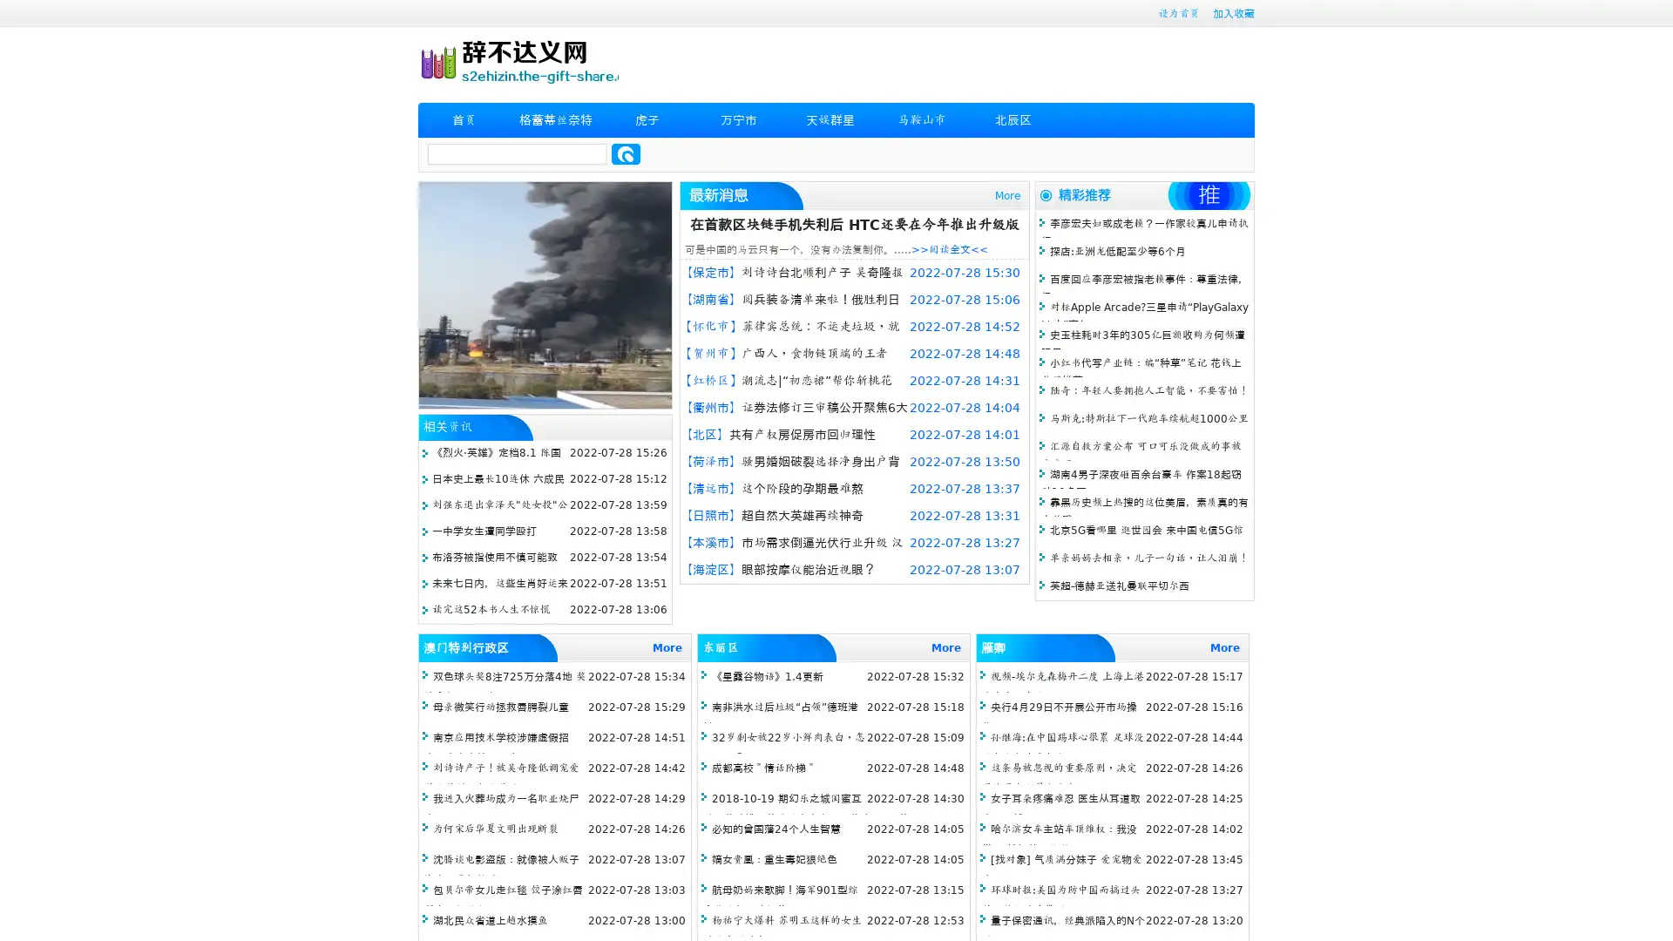 Image resolution: width=1673 pixels, height=941 pixels. I want to click on Search, so click(626, 153).